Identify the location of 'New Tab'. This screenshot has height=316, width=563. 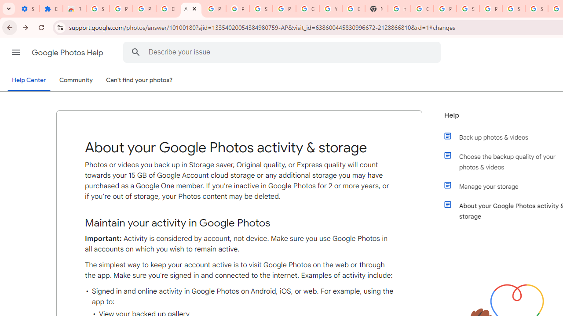
(376, 9).